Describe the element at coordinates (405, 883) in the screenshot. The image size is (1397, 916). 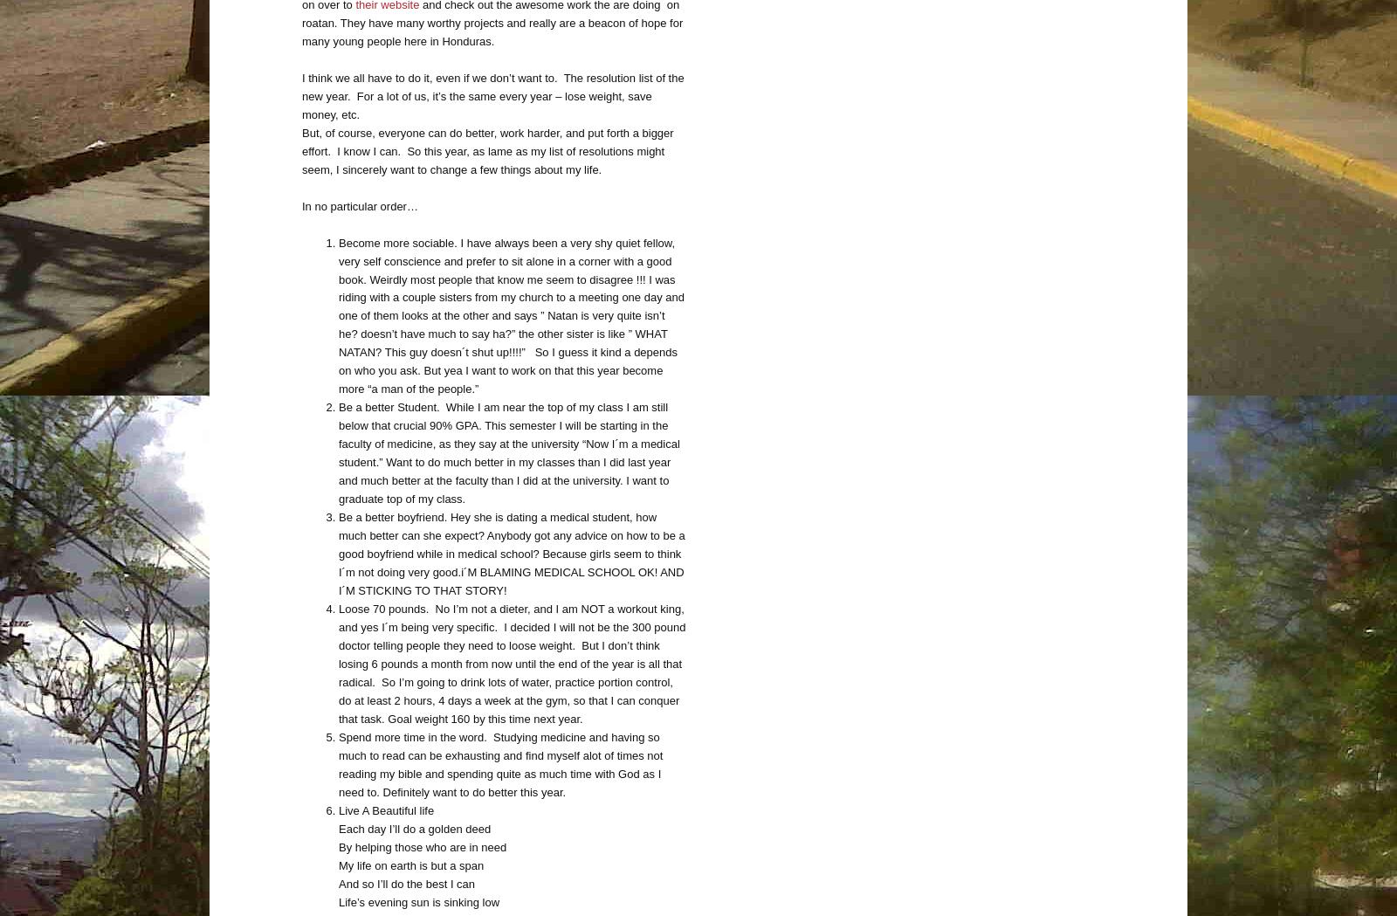
I see `'And so I’ll do the best I can'` at that location.